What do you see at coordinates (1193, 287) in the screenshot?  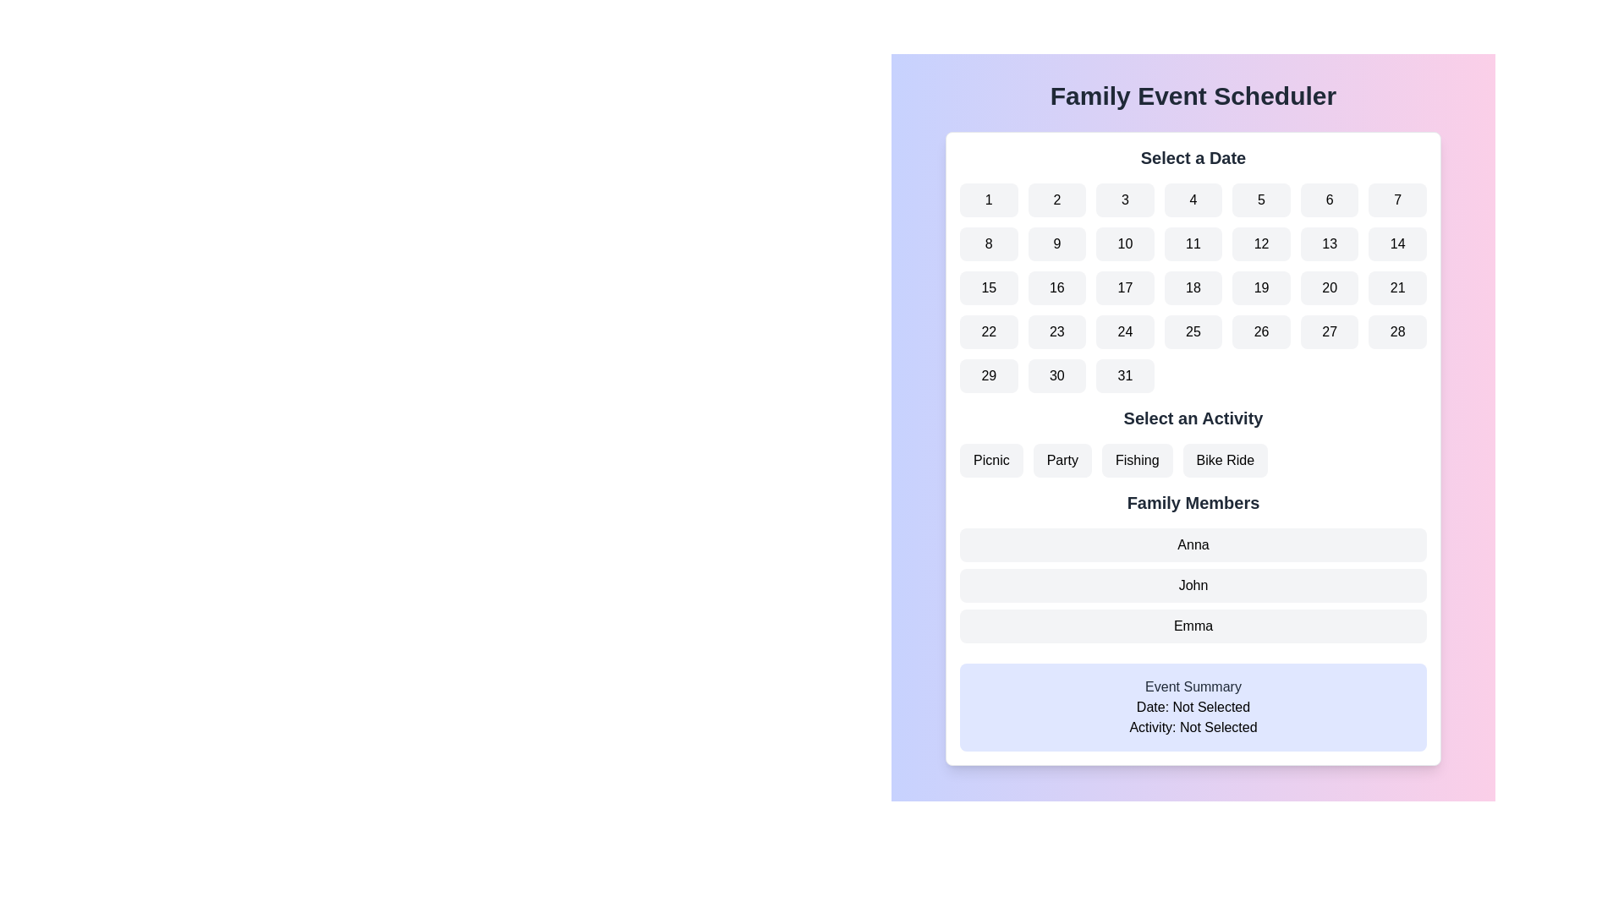 I see `the button displaying the numeral '18', which is a rectangular button with rounded corners and a light gray background` at bounding box center [1193, 287].